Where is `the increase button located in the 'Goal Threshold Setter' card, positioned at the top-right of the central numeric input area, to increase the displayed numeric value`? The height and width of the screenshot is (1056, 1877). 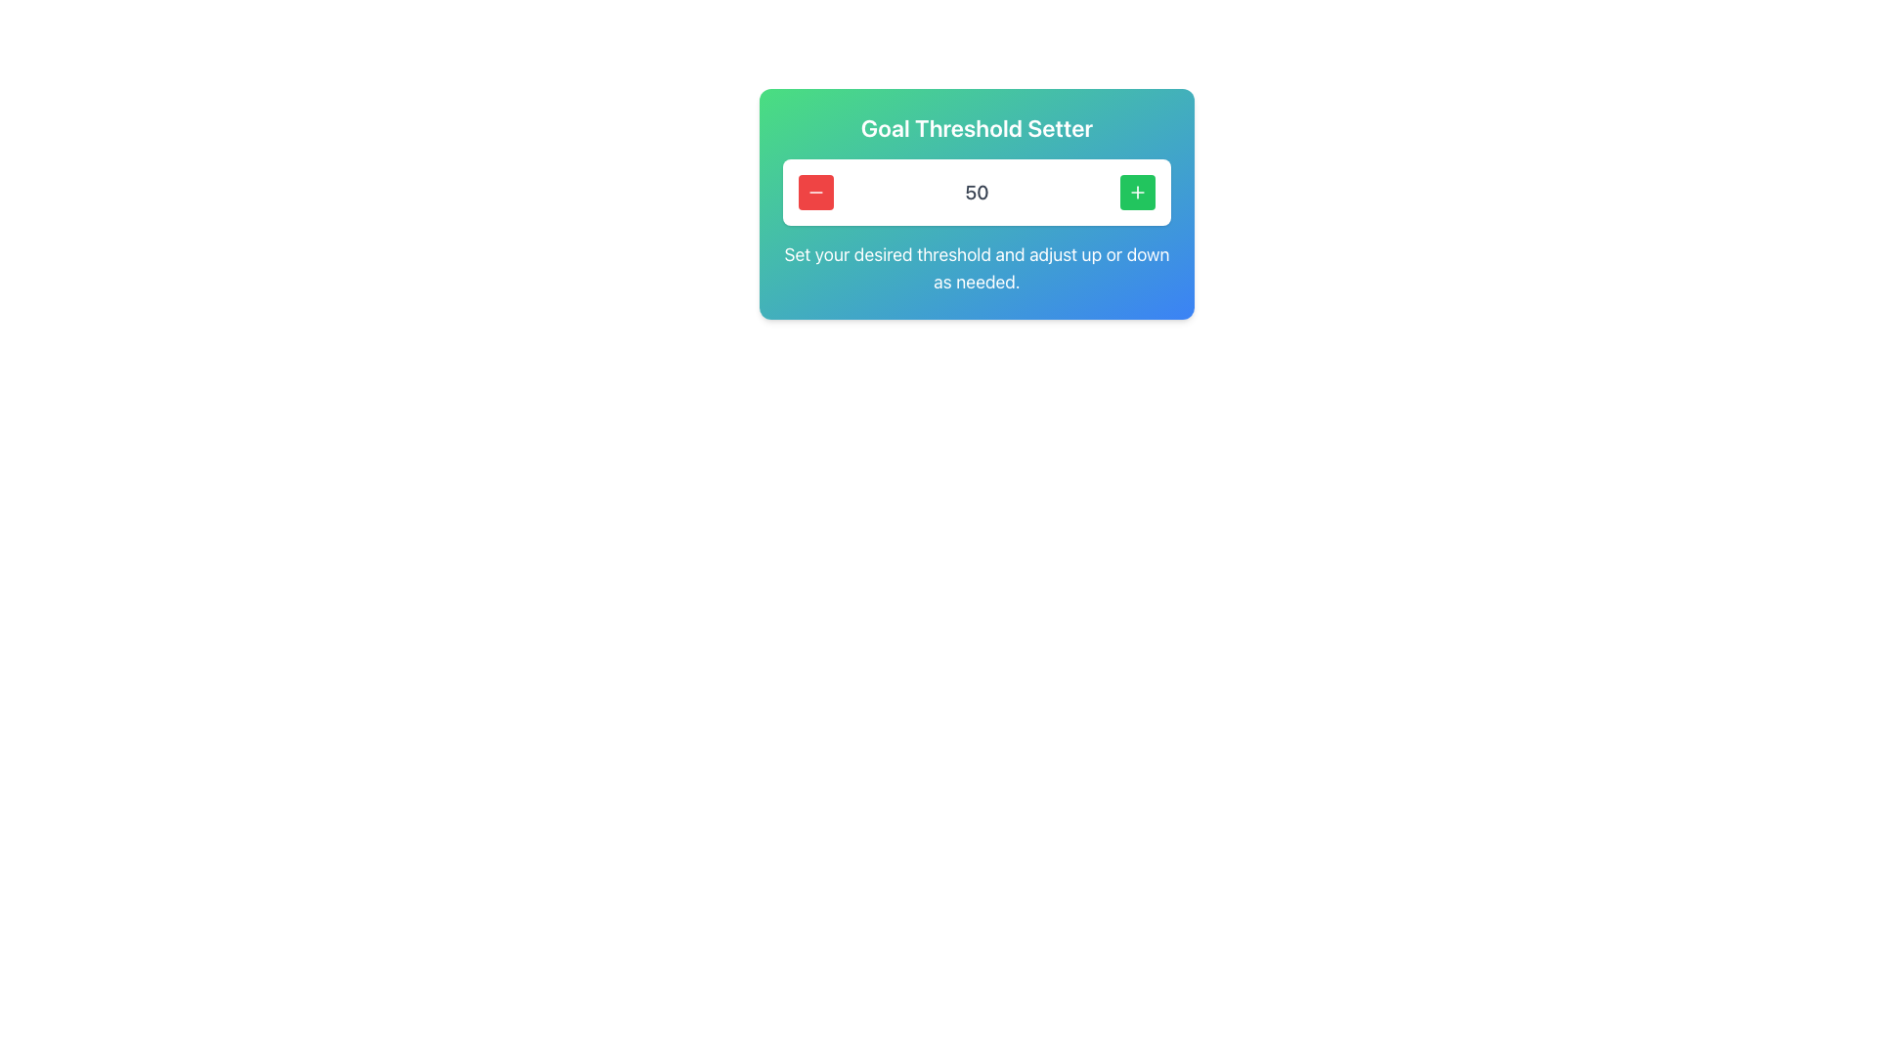
the increase button located in the 'Goal Threshold Setter' card, positioned at the top-right of the central numeric input area, to increase the displayed numeric value is located at coordinates (1137, 192).